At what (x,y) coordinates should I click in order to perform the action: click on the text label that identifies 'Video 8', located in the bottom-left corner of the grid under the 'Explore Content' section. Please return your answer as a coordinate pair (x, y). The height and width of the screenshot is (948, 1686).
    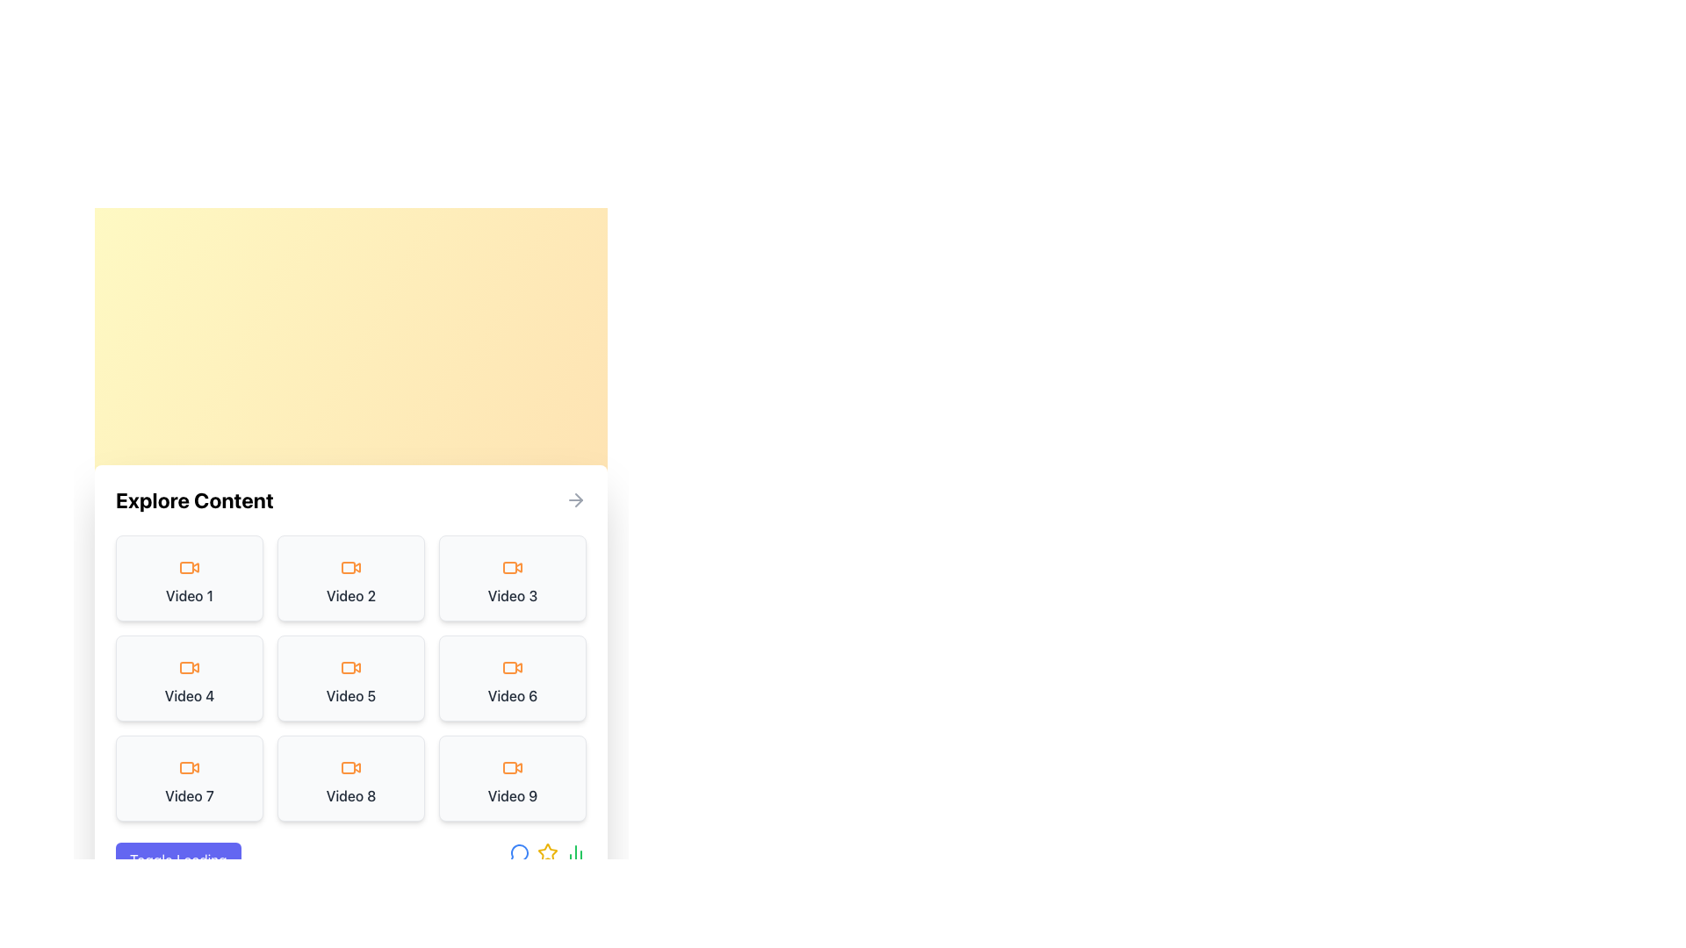
    Looking at the image, I should click on (350, 795).